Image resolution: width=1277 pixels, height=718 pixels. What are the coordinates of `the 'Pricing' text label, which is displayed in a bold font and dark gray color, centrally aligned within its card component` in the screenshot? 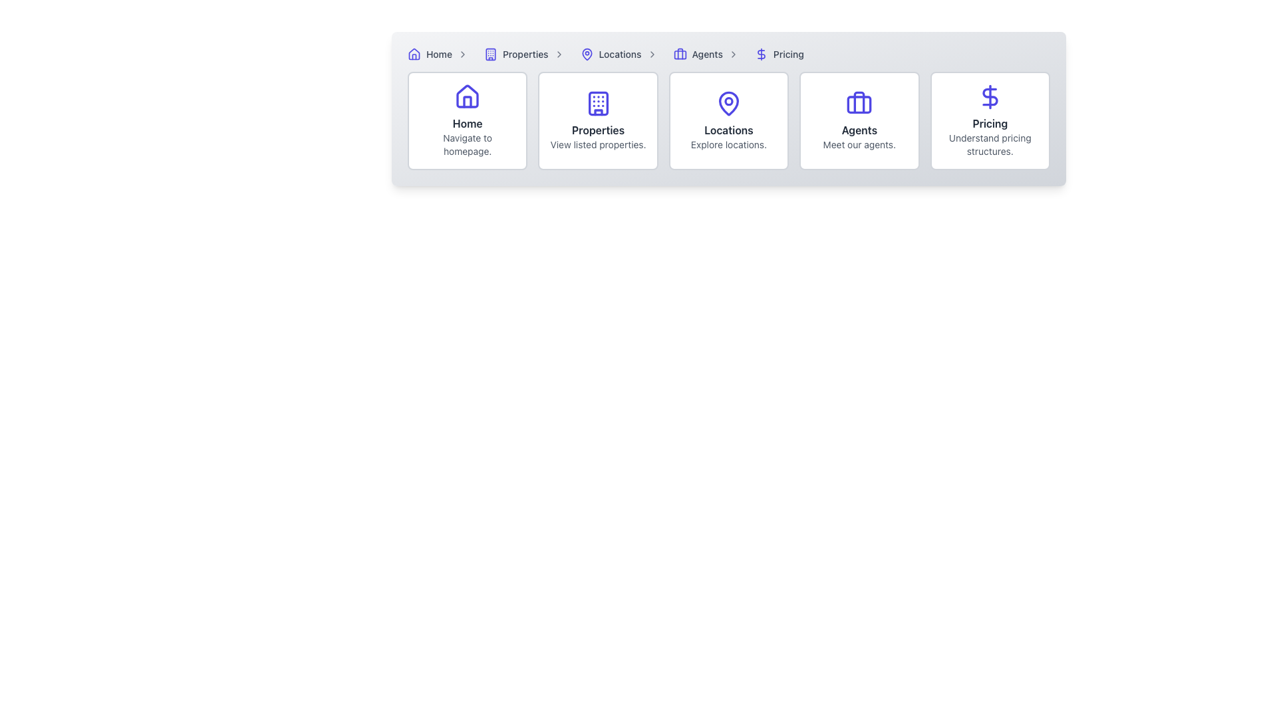 It's located at (990, 123).